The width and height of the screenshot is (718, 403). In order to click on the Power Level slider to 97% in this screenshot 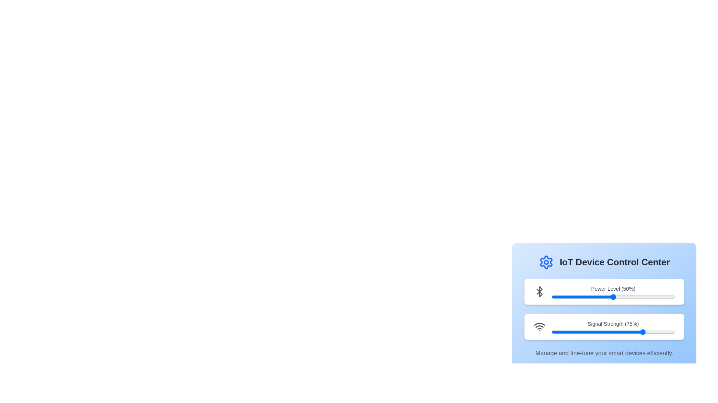, I will do `click(671, 296)`.